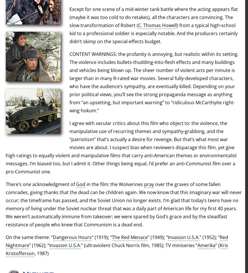 The image size is (248, 273). What do you see at coordinates (157, 237) in the screenshot?
I see `'” (1949); “'` at bounding box center [157, 237].